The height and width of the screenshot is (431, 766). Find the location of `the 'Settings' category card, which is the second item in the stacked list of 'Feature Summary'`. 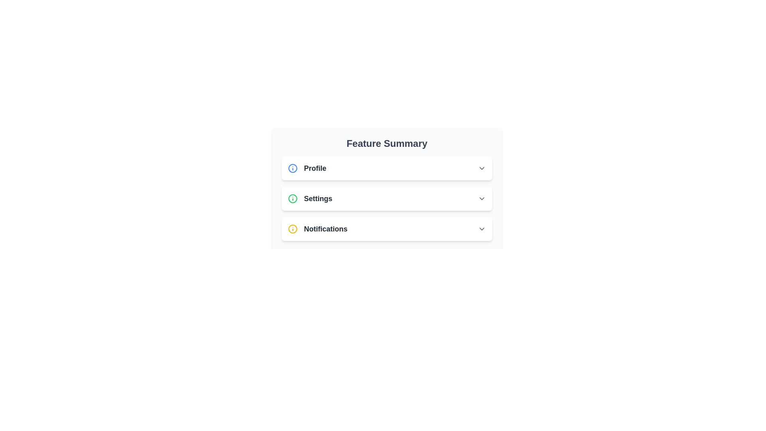

the 'Settings' category card, which is the second item in the stacked list of 'Feature Summary' is located at coordinates (387, 198).